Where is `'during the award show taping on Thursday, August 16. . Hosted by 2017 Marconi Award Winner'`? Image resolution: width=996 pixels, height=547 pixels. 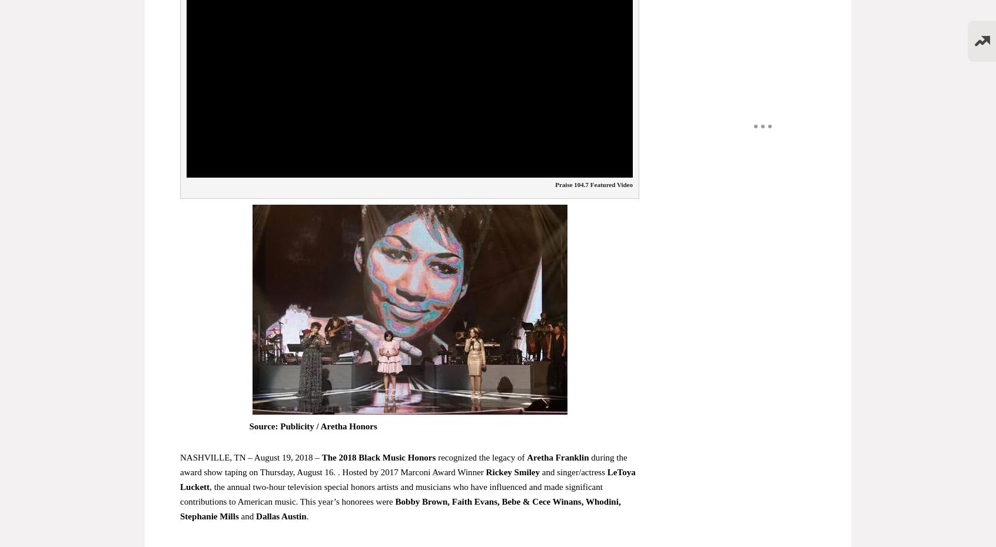
'during the award show taping on Thursday, August 16. . Hosted by 2017 Marconi Award Winner' is located at coordinates (403, 464).